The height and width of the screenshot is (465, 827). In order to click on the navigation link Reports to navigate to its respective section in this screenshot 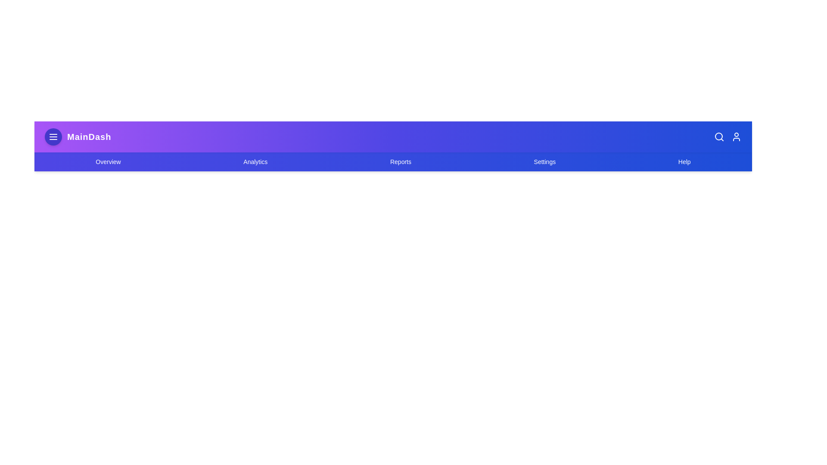, I will do `click(400, 161)`.